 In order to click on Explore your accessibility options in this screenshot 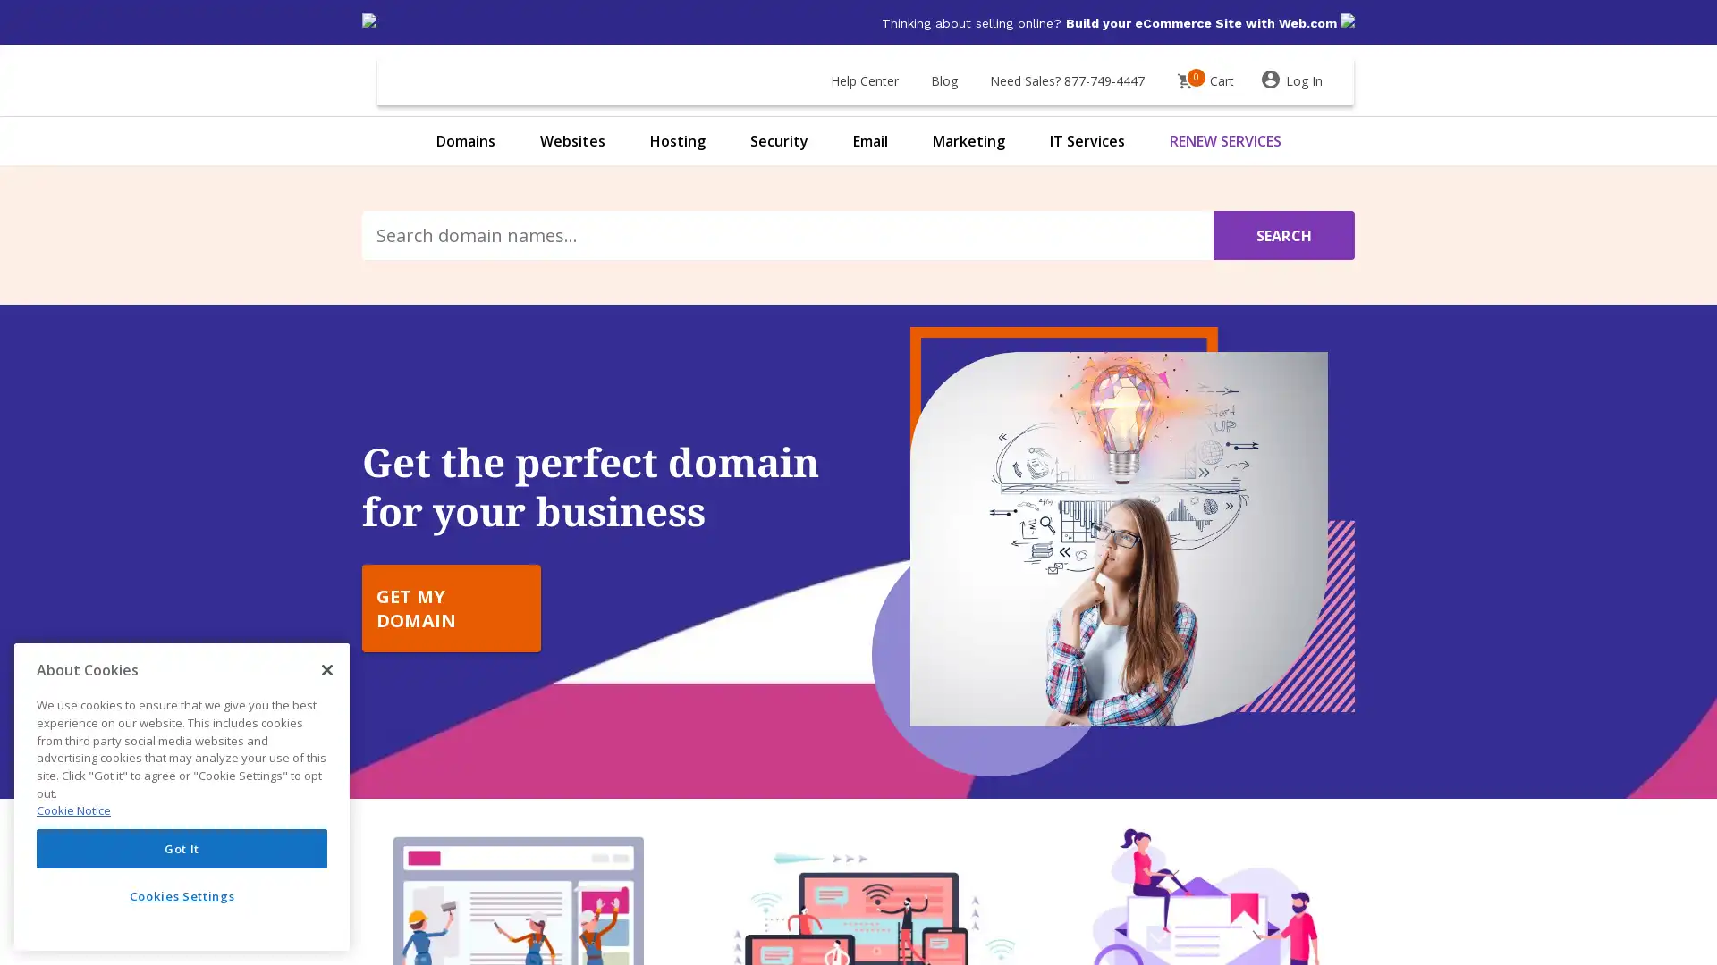, I will do `click(29, 874)`.